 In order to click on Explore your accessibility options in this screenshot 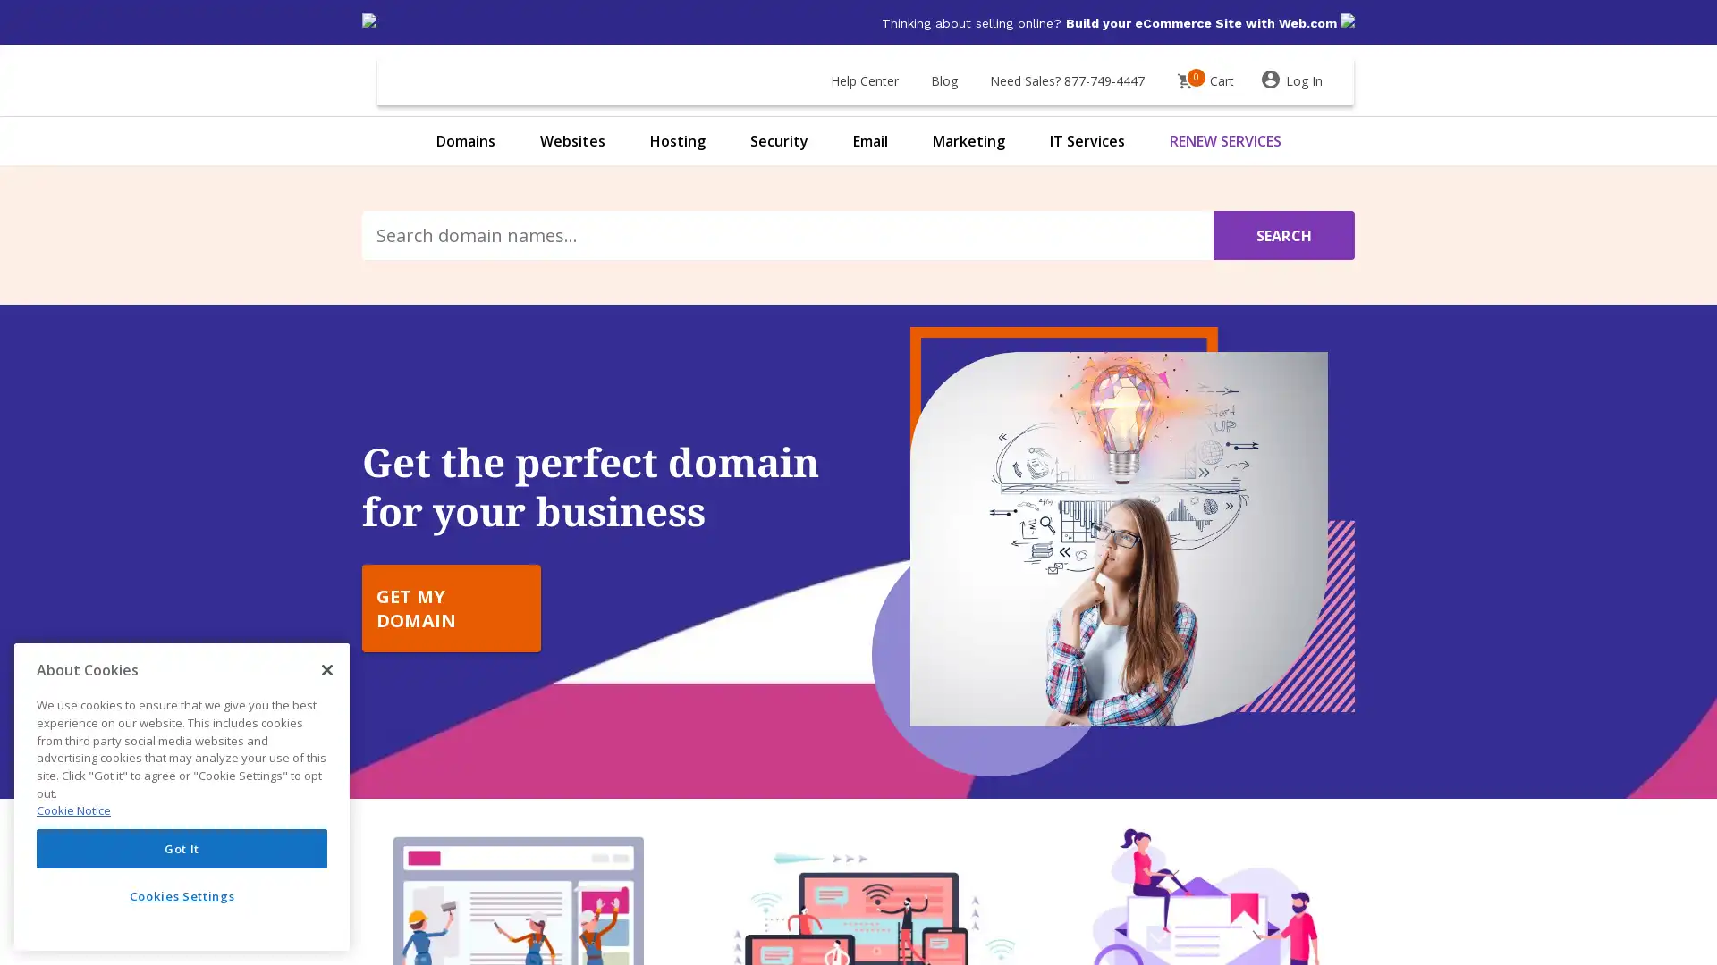, I will do `click(29, 874)`.